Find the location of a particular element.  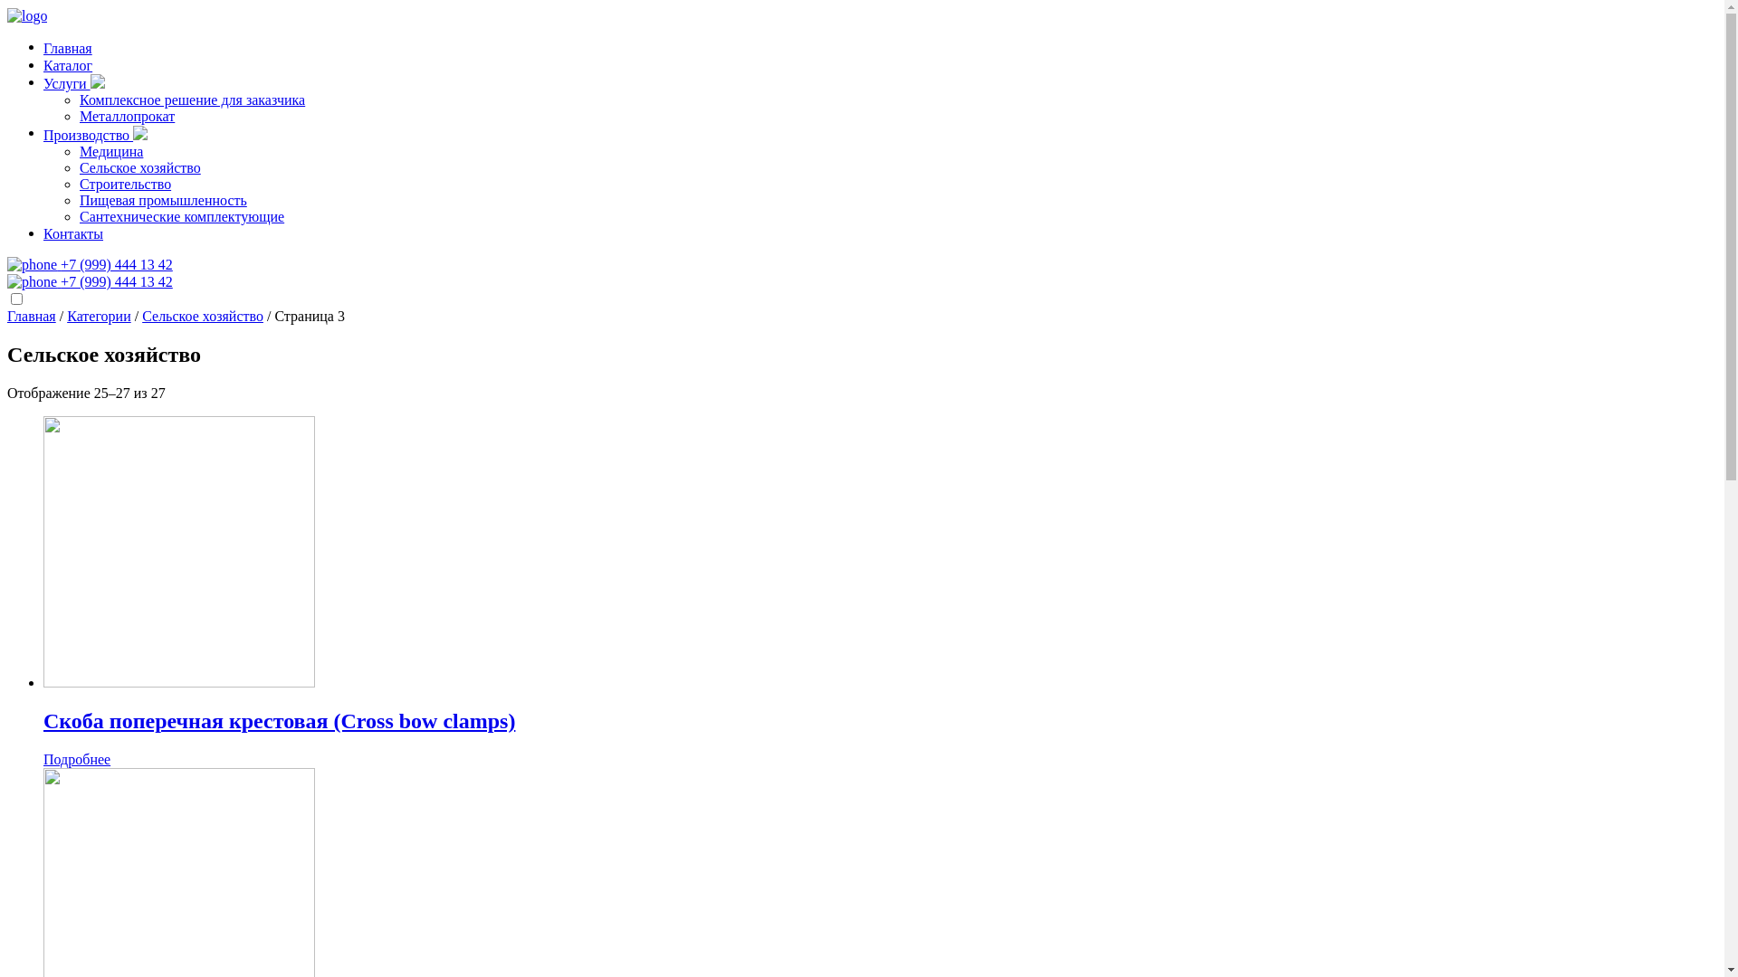

'+7 (999) 444 13 42' is located at coordinates (7, 282).